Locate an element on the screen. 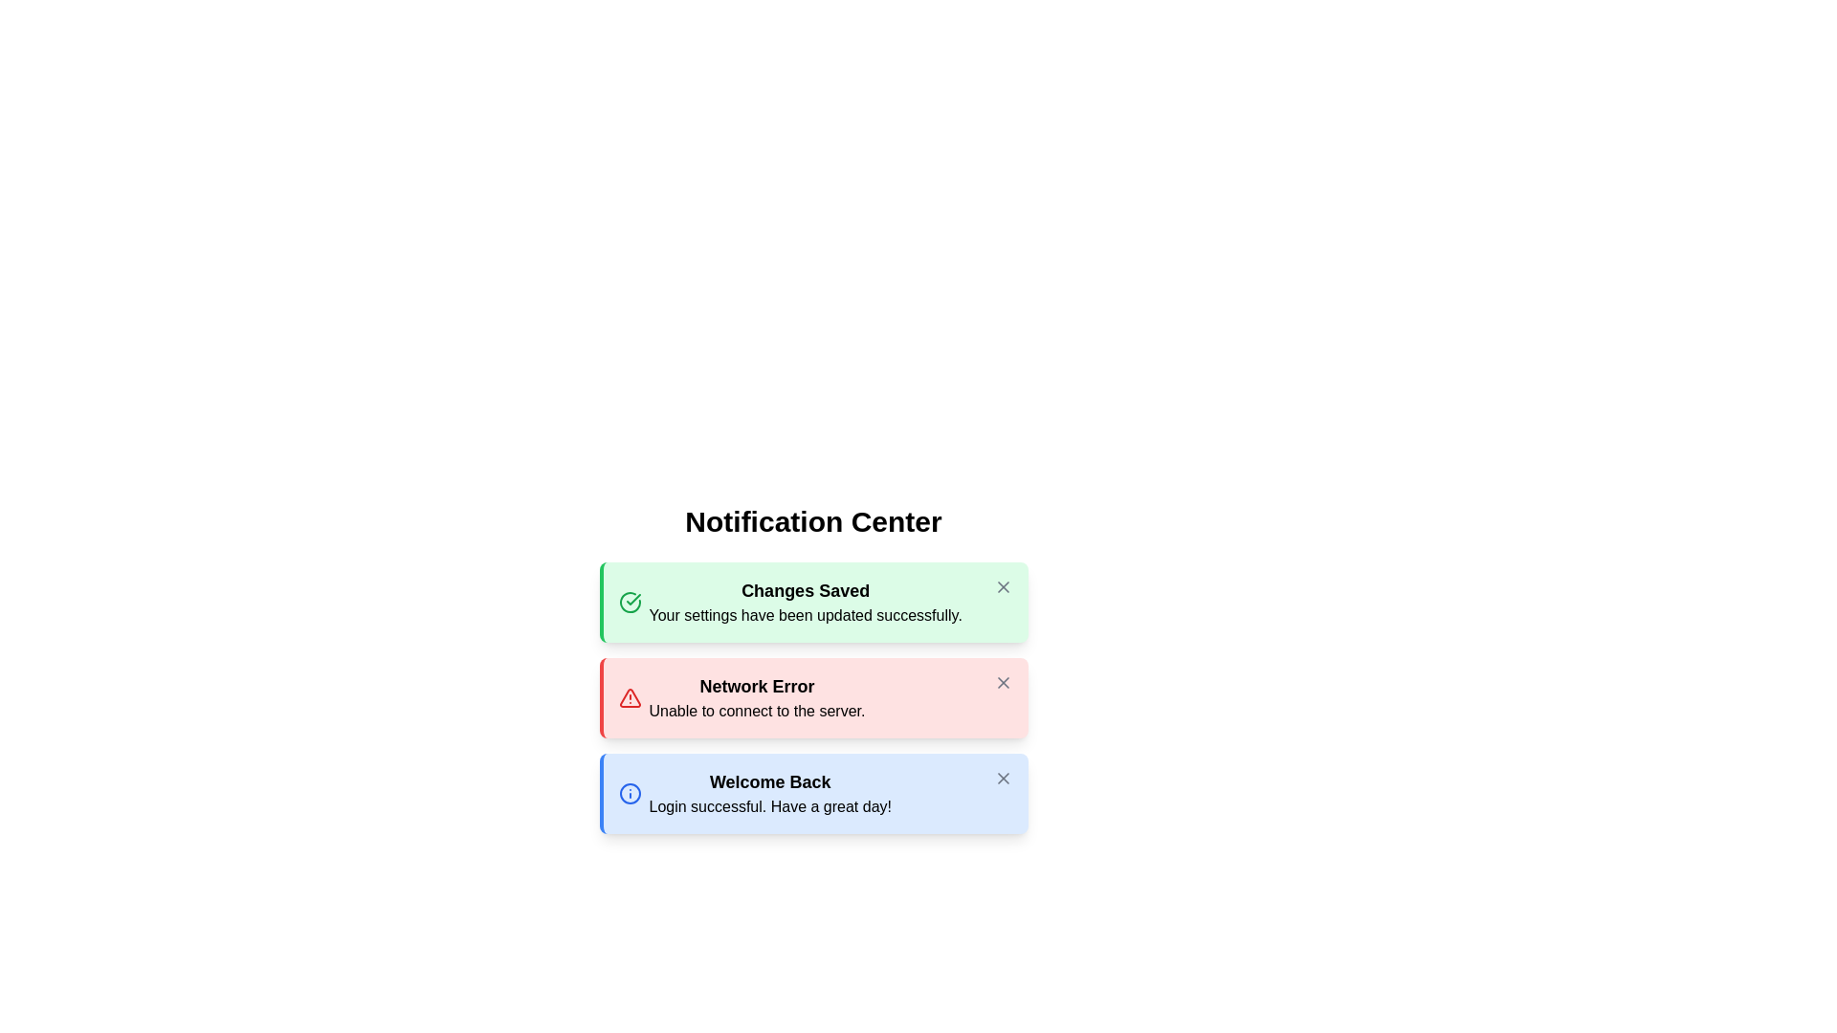 The image size is (1837, 1033). the static text label displaying 'Unable to connect to the server.' which is situated in the middle of a red notification card indicating an error status is located at coordinates (756, 712).